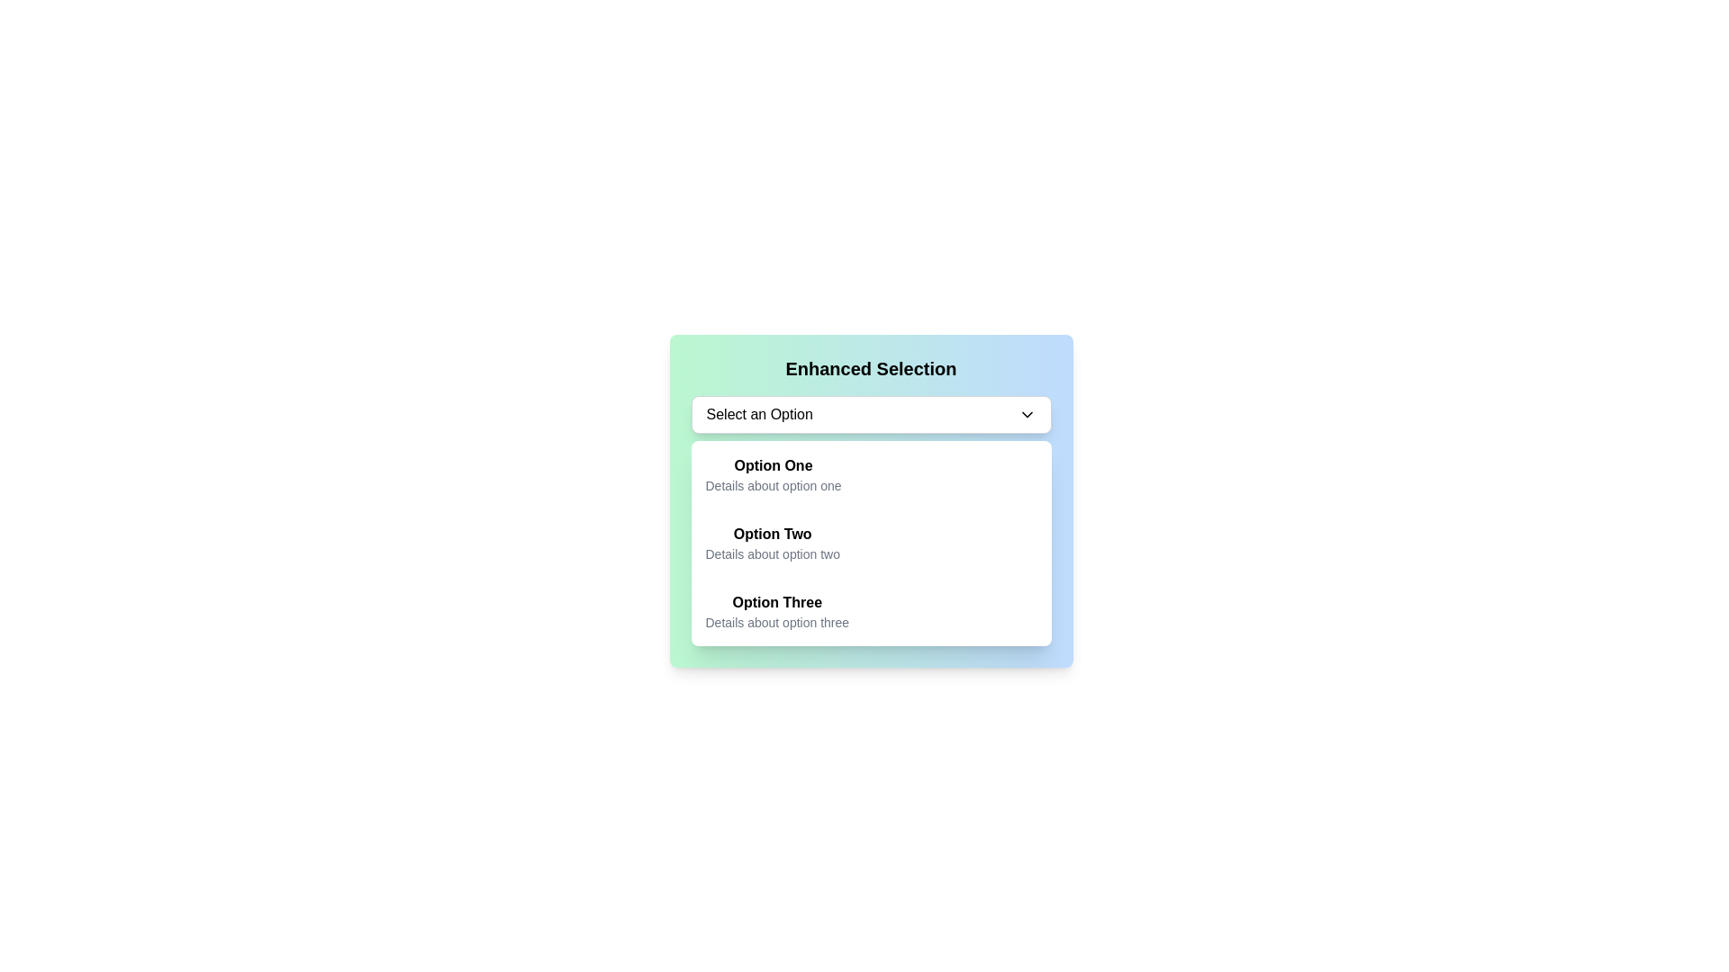 This screenshot has height=972, width=1729. I want to click on the Chevron-Down icon located on the right side of the 'Select an Option' dropdown input field, so click(1027, 415).